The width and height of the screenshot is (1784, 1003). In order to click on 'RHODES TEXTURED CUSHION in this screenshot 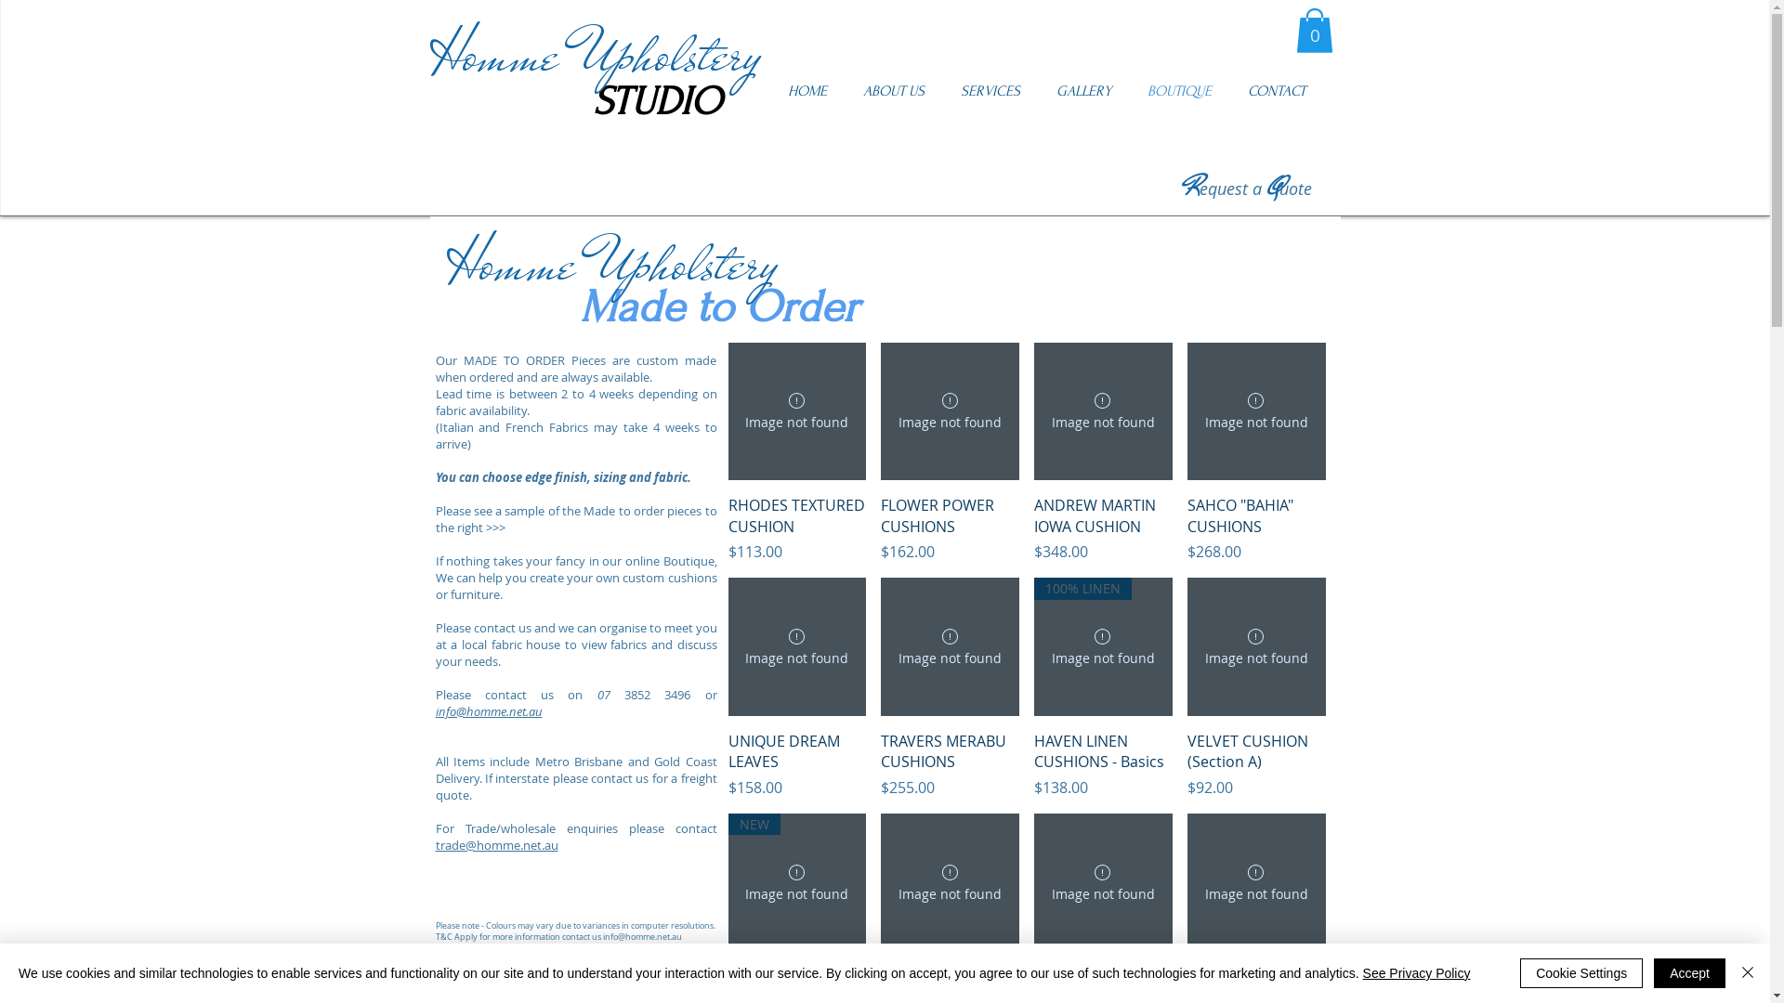, I will do `click(797, 528)`.